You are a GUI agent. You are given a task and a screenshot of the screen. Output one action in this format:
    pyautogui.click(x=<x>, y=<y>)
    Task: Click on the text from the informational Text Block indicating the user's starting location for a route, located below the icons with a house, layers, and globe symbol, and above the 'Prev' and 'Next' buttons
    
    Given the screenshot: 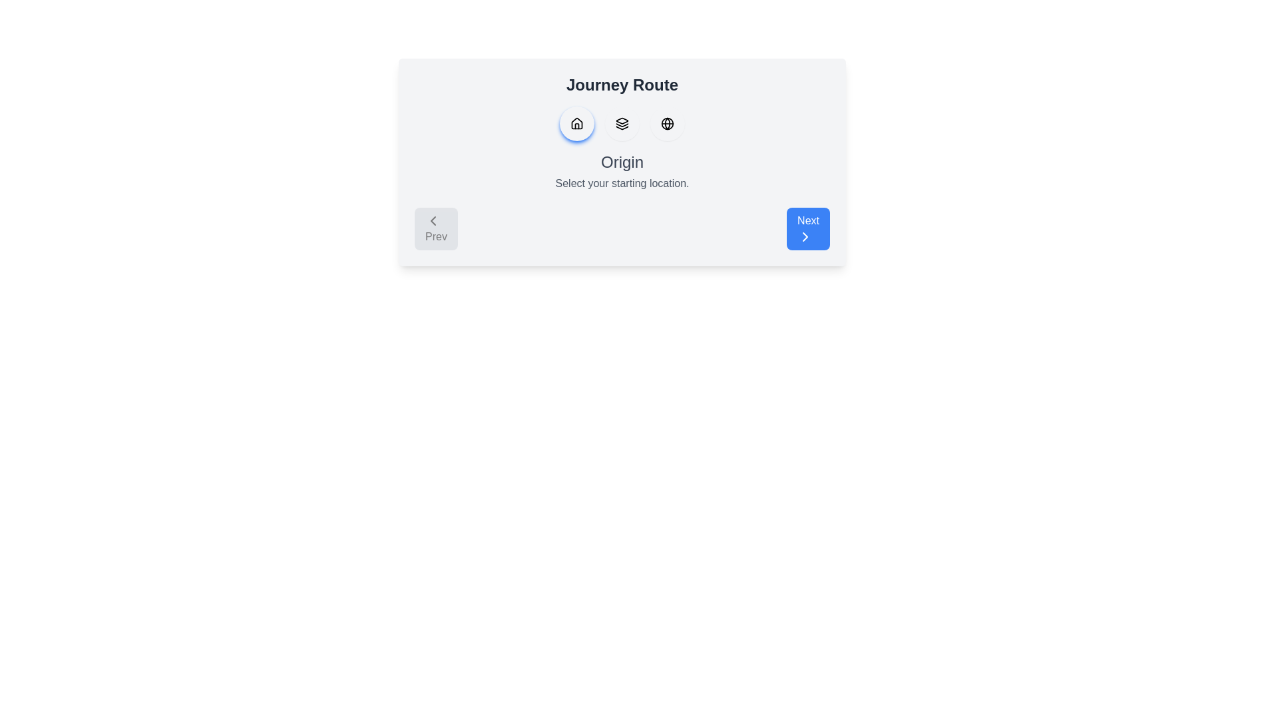 What is the action you would take?
    pyautogui.click(x=622, y=171)
    